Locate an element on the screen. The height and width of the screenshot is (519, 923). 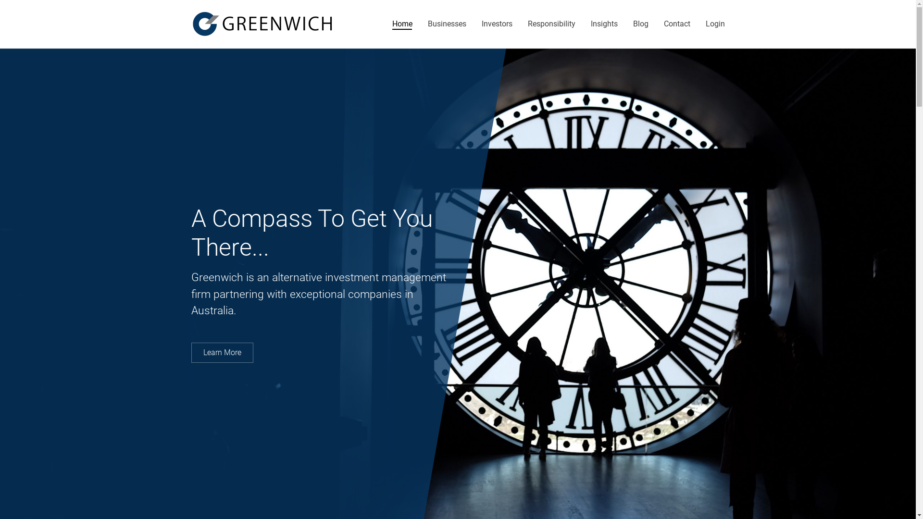
'Contact' is located at coordinates (663, 24).